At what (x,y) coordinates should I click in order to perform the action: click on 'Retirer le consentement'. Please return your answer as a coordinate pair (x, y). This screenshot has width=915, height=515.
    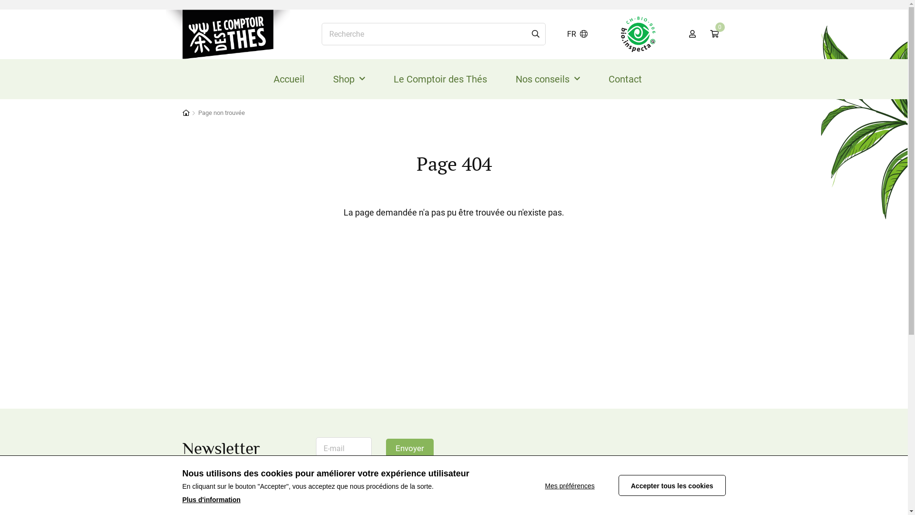
    Looking at the image, I should click on (580, 485).